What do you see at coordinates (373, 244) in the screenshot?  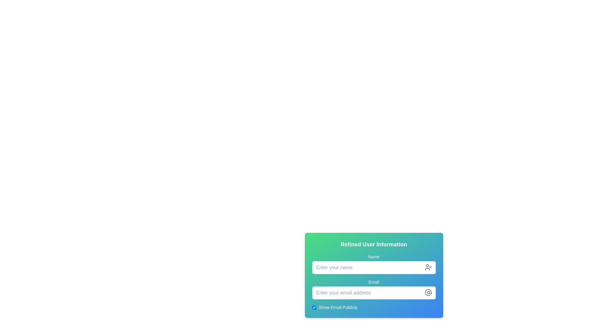 I see `the text label that reads 'Refined User Information', which is styled with bold, white, and large text, located at the top of a gradient background card` at bounding box center [373, 244].